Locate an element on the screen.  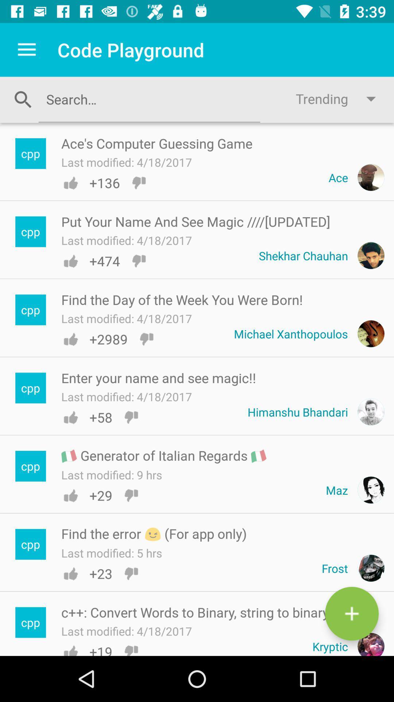
the add icon is located at coordinates (351, 614).